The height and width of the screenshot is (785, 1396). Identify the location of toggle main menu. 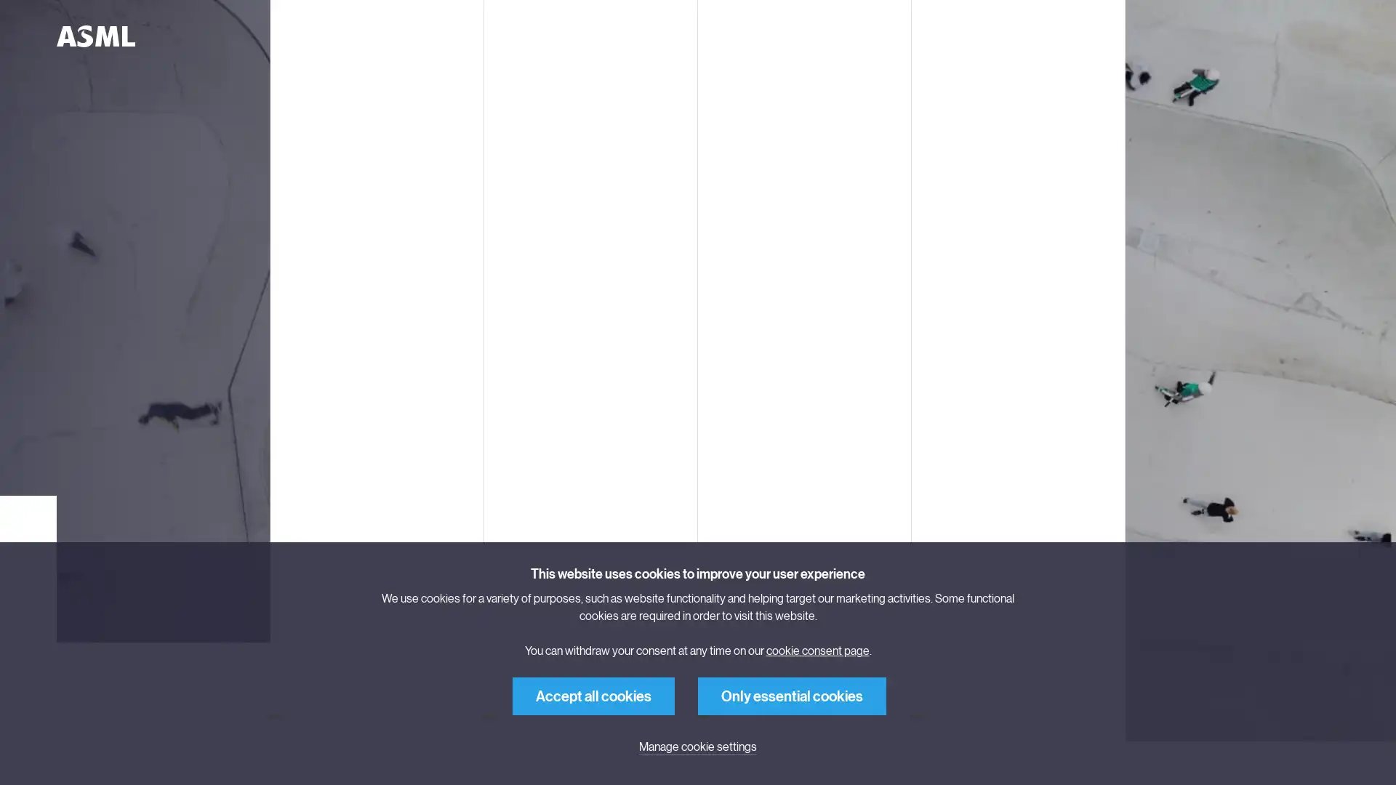
(280, 36).